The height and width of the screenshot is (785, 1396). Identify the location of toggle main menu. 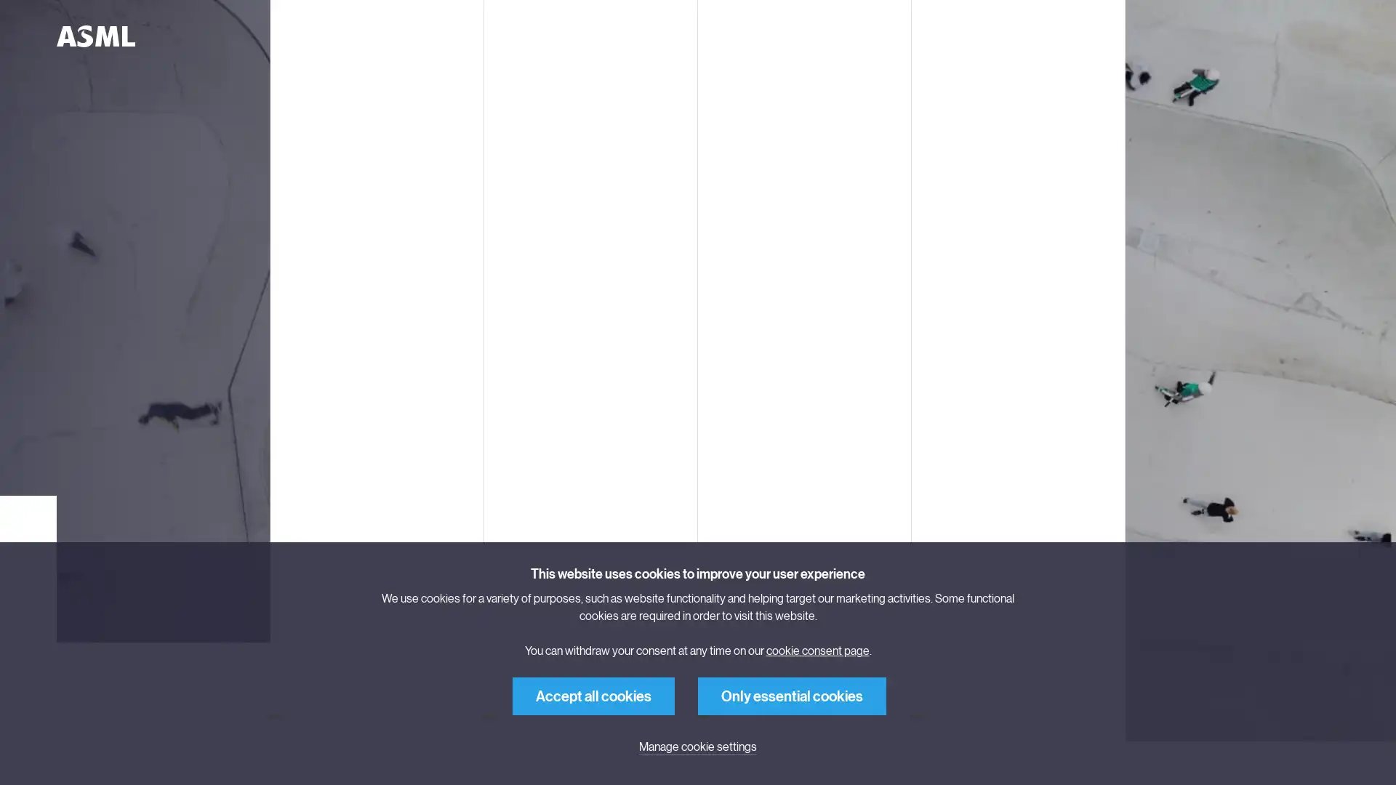
(280, 36).